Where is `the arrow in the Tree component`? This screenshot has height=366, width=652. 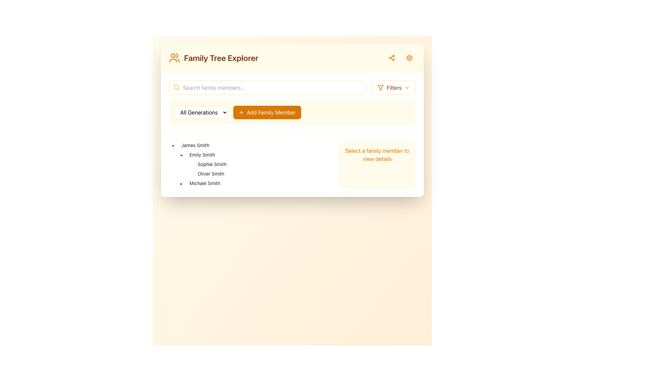 the arrow in the Tree component is located at coordinates (249, 165).